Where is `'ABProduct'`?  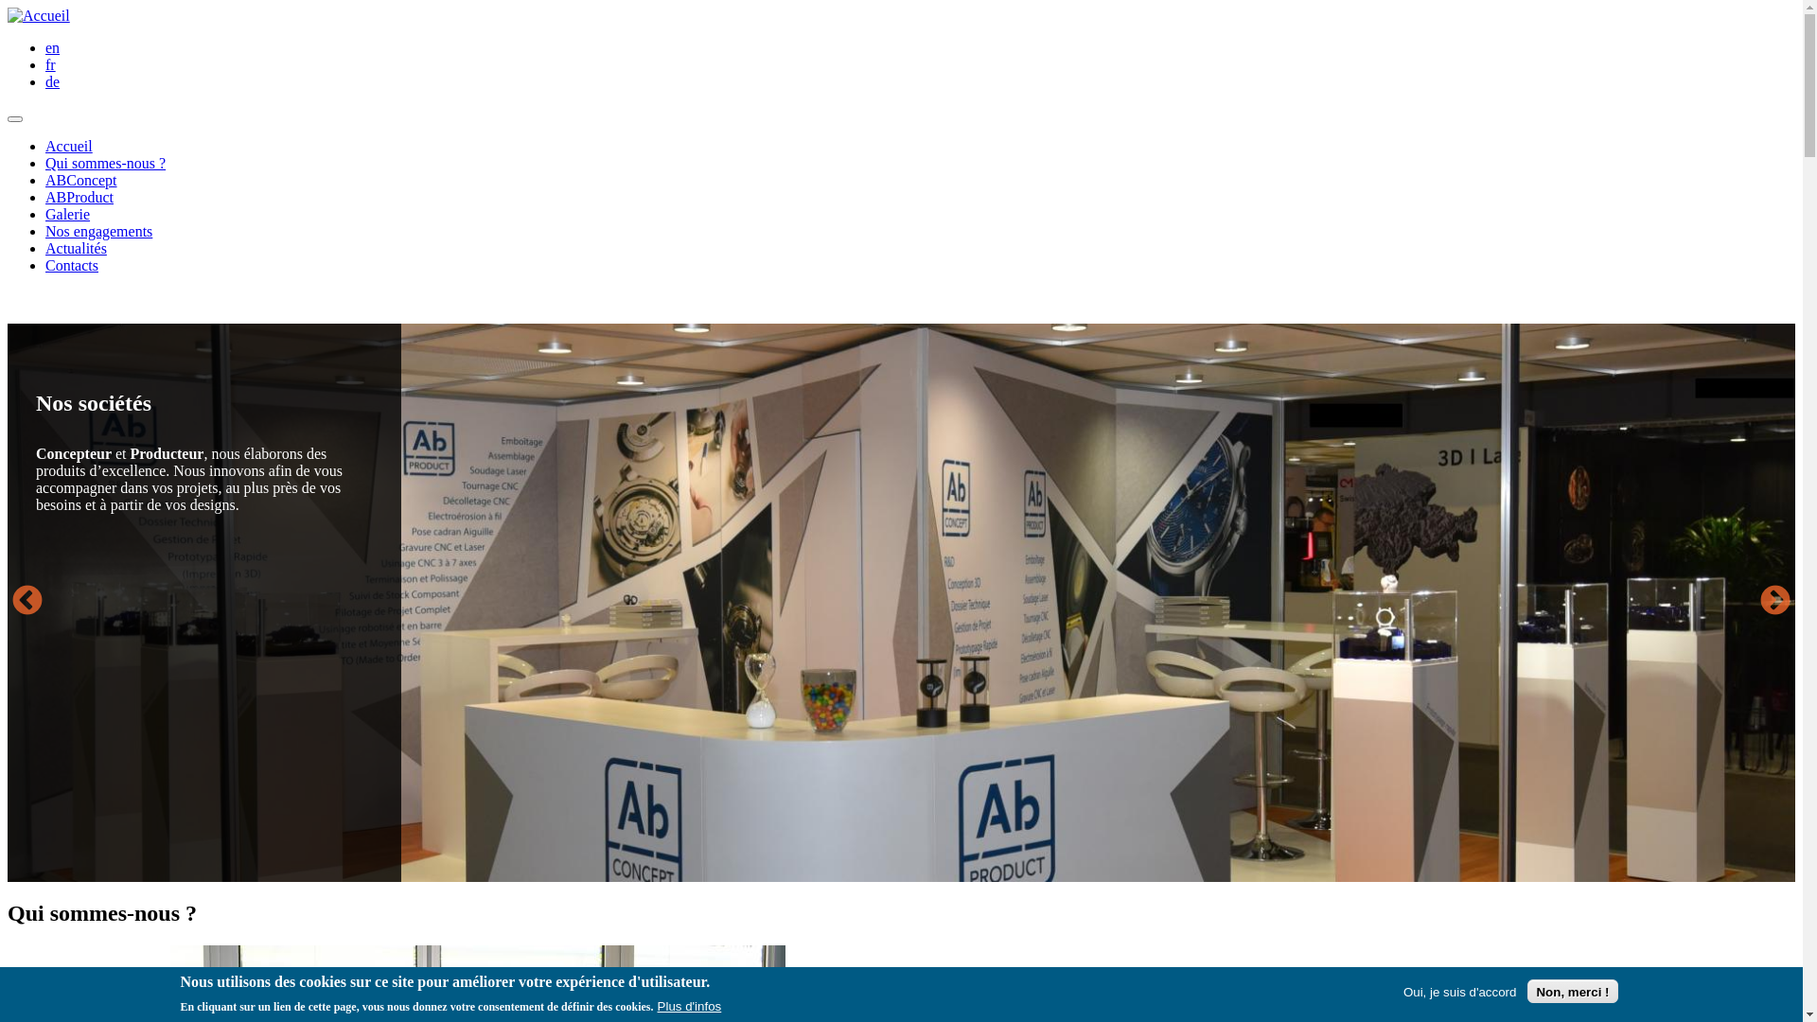 'ABProduct' is located at coordinates (78, 197).